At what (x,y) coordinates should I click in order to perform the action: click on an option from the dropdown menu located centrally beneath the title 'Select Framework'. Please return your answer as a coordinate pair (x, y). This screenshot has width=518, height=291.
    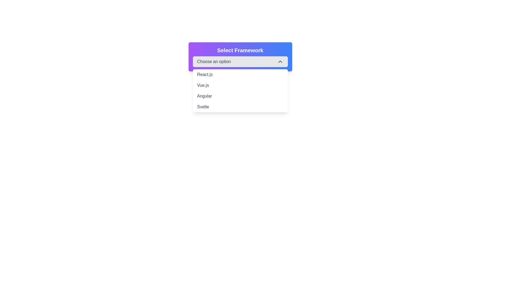
    Looking at the image, I should click on (240, 57).